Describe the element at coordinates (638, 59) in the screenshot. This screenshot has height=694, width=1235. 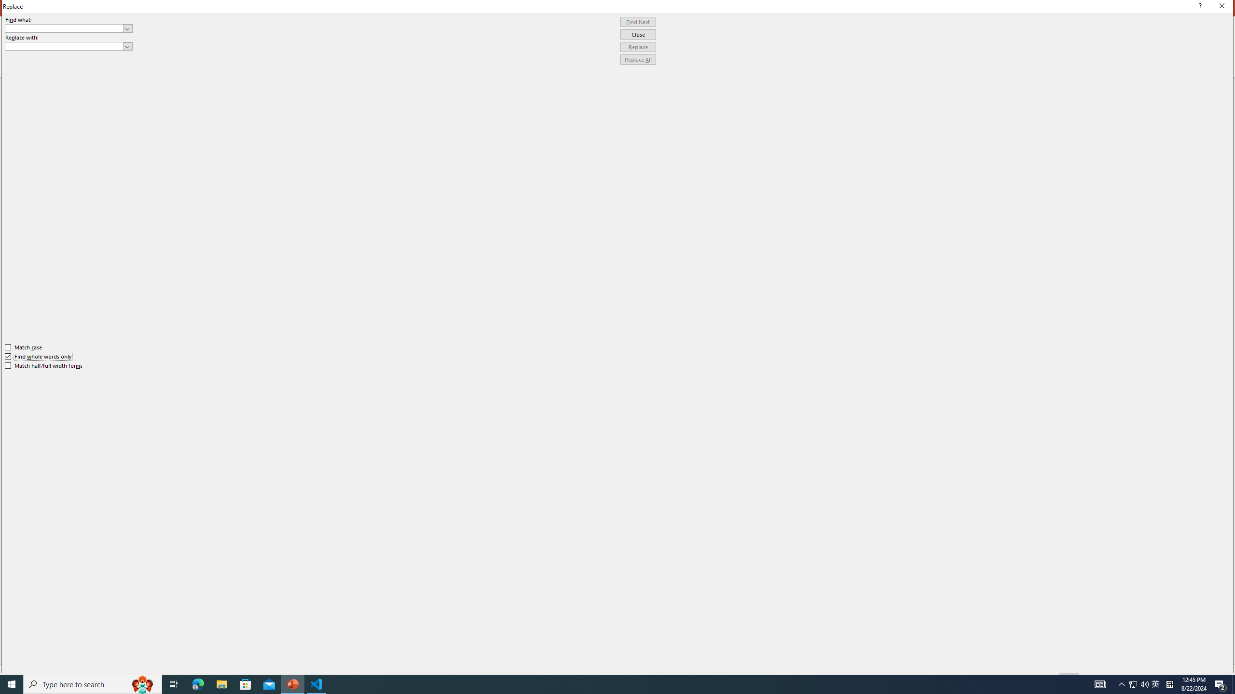
I see `'Replace All'` at that location.